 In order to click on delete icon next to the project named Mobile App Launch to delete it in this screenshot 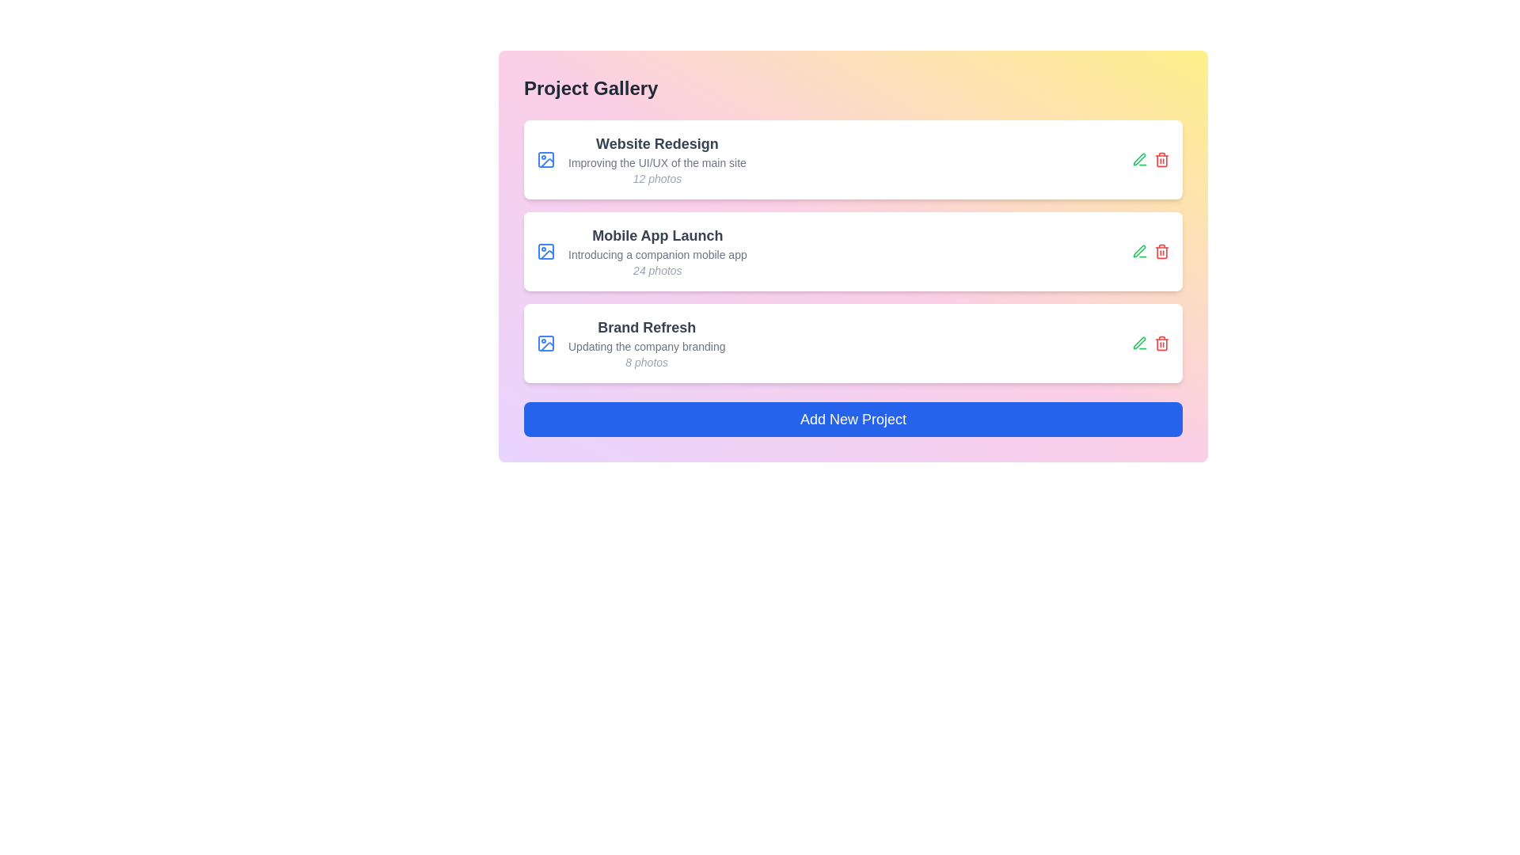, I will do `click(1162, 250)`.